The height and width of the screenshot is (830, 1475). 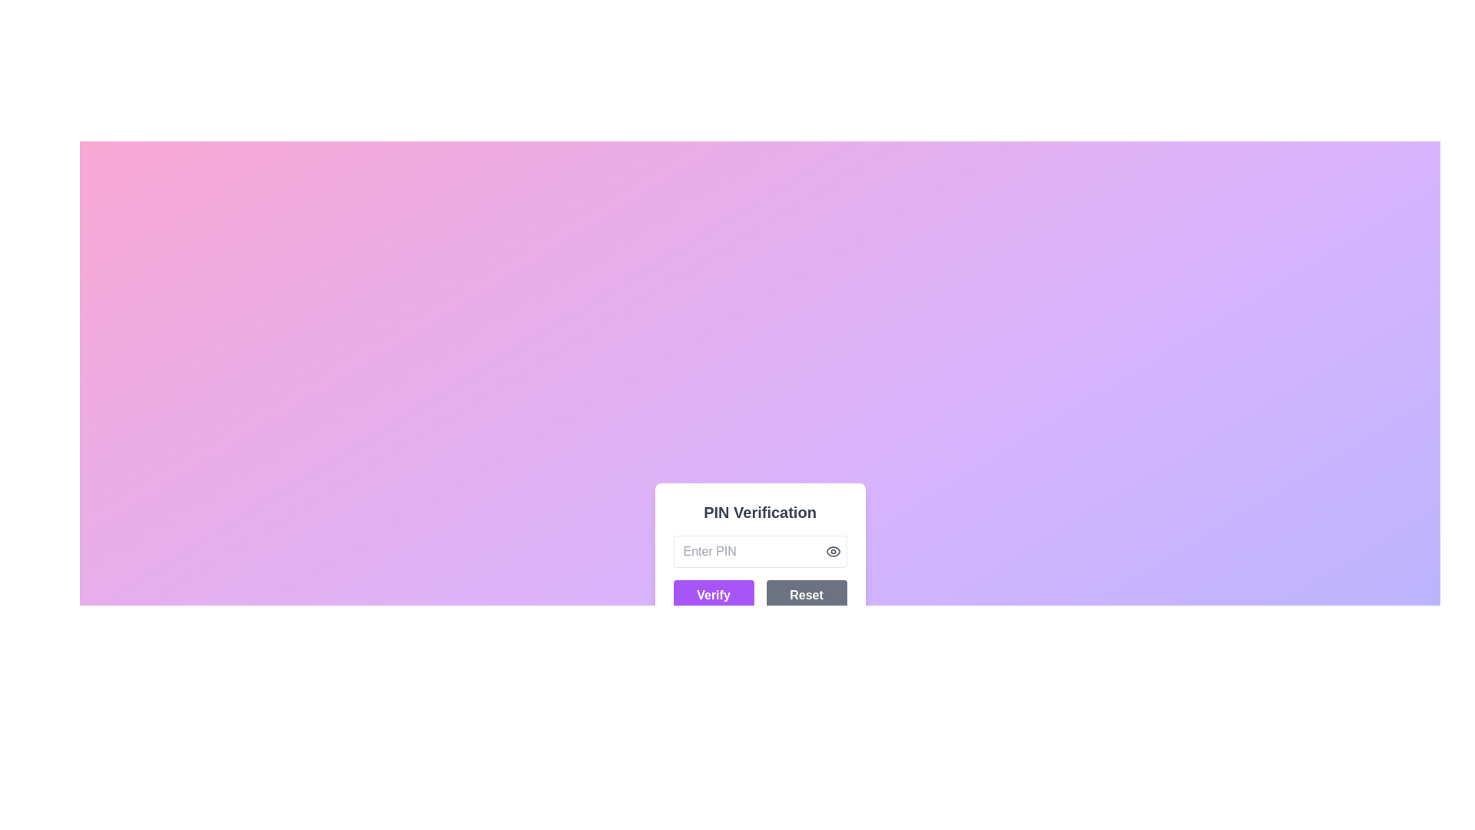 What do you see at coordinates (832, 550) in the screenshot?
I see `the button located to the right of the 'Enter PIN' text input field` at bounding box center [832, 550].